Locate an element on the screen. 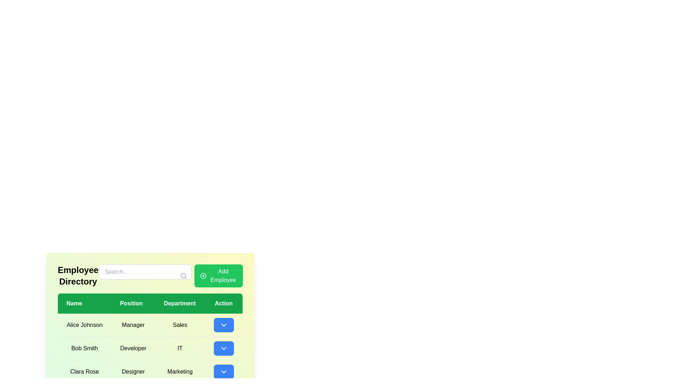 This screenshot has height=388, width=690. the dropdown trigger button with a blue background and a downward pointing chevron icon centered within it is located at coordinates (223, 325).